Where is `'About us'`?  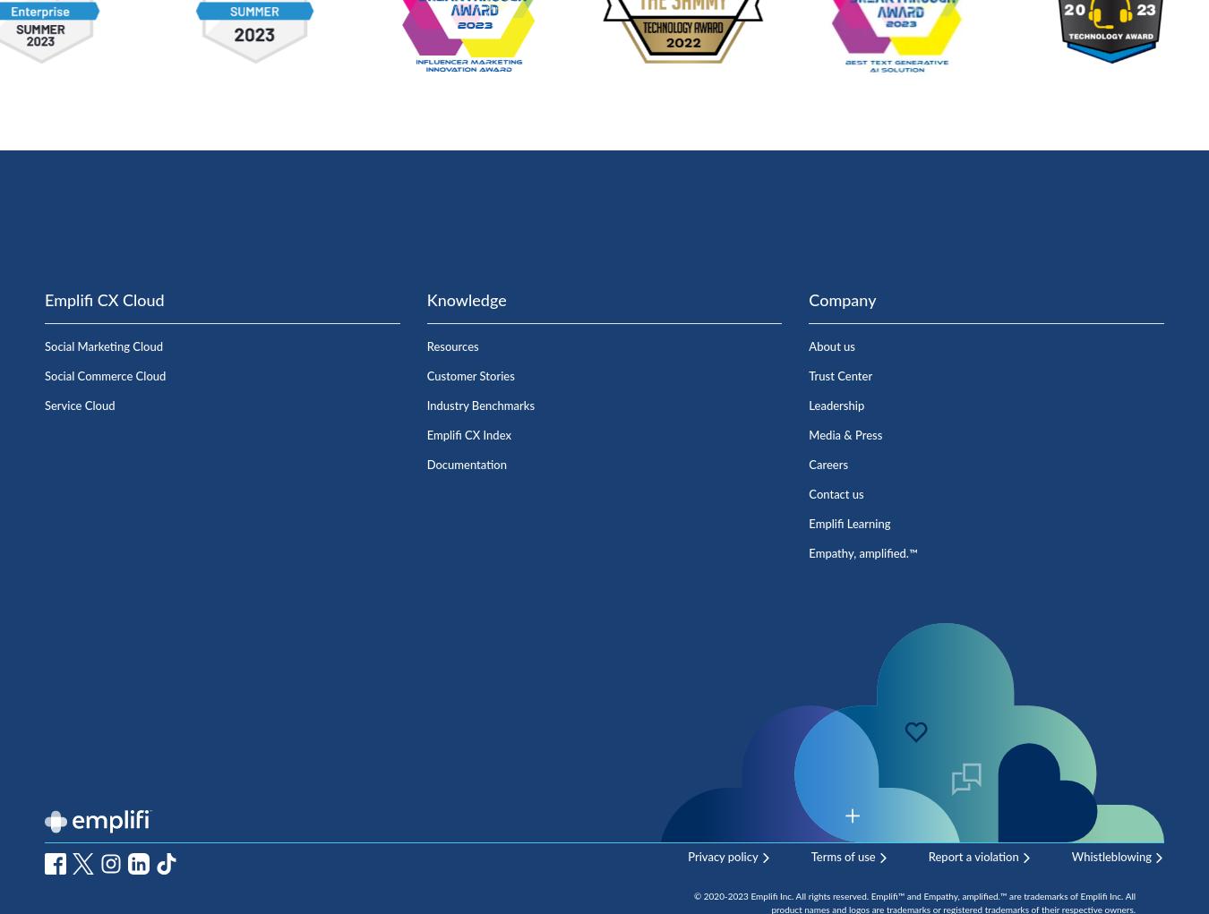
'About us' is located at coordinates (808, 346).